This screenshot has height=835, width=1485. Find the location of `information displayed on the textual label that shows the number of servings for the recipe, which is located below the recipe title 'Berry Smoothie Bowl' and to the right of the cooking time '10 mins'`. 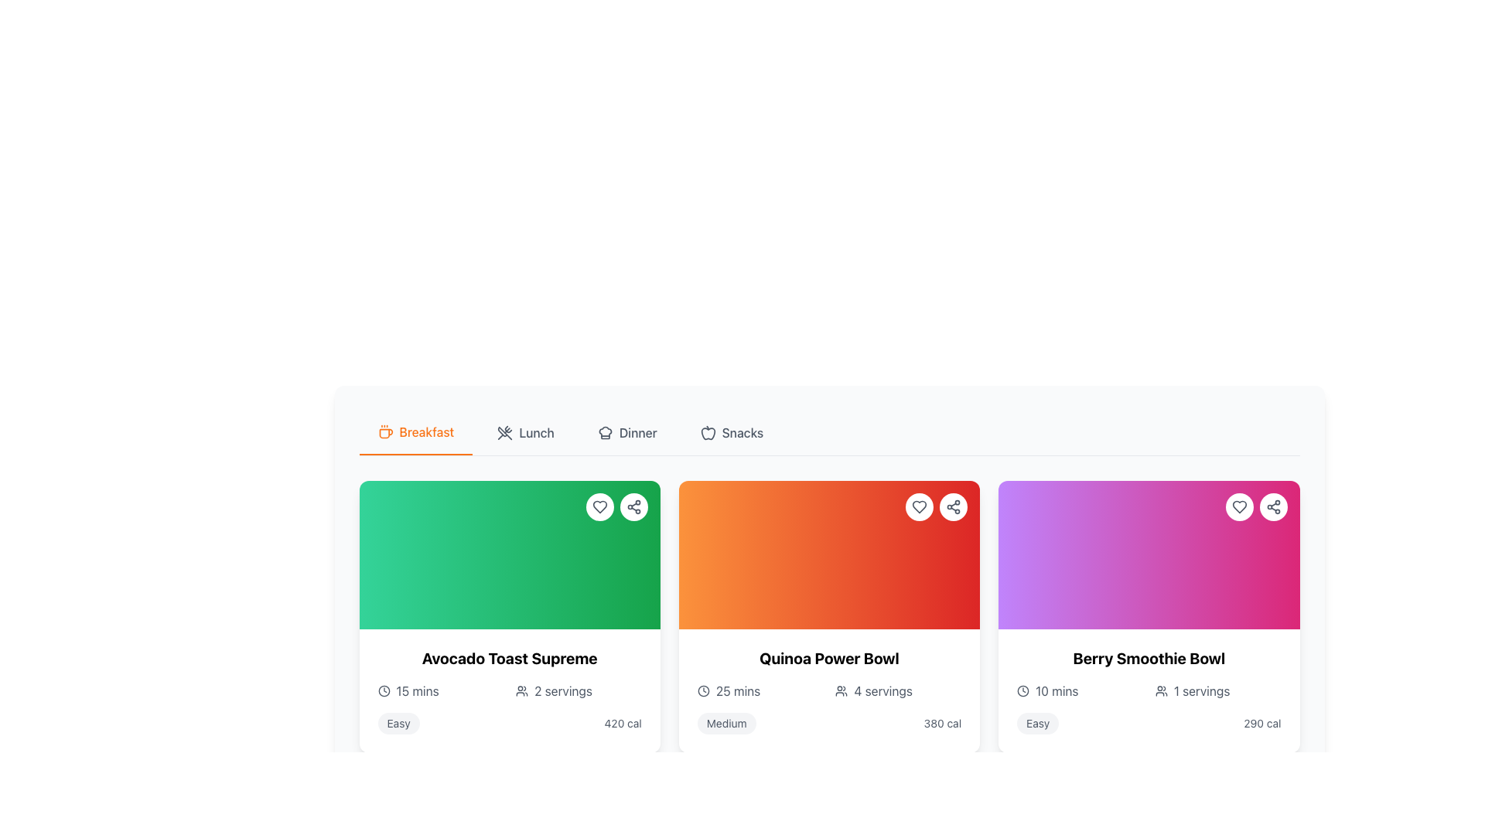

information displayed on the textual label that shows the number of servings for the recipe, which is located below the recipe title 'Berry Smoothie Bowl' and to the right of the cooking time '10 mins' is located at coordinates (1217, 690).